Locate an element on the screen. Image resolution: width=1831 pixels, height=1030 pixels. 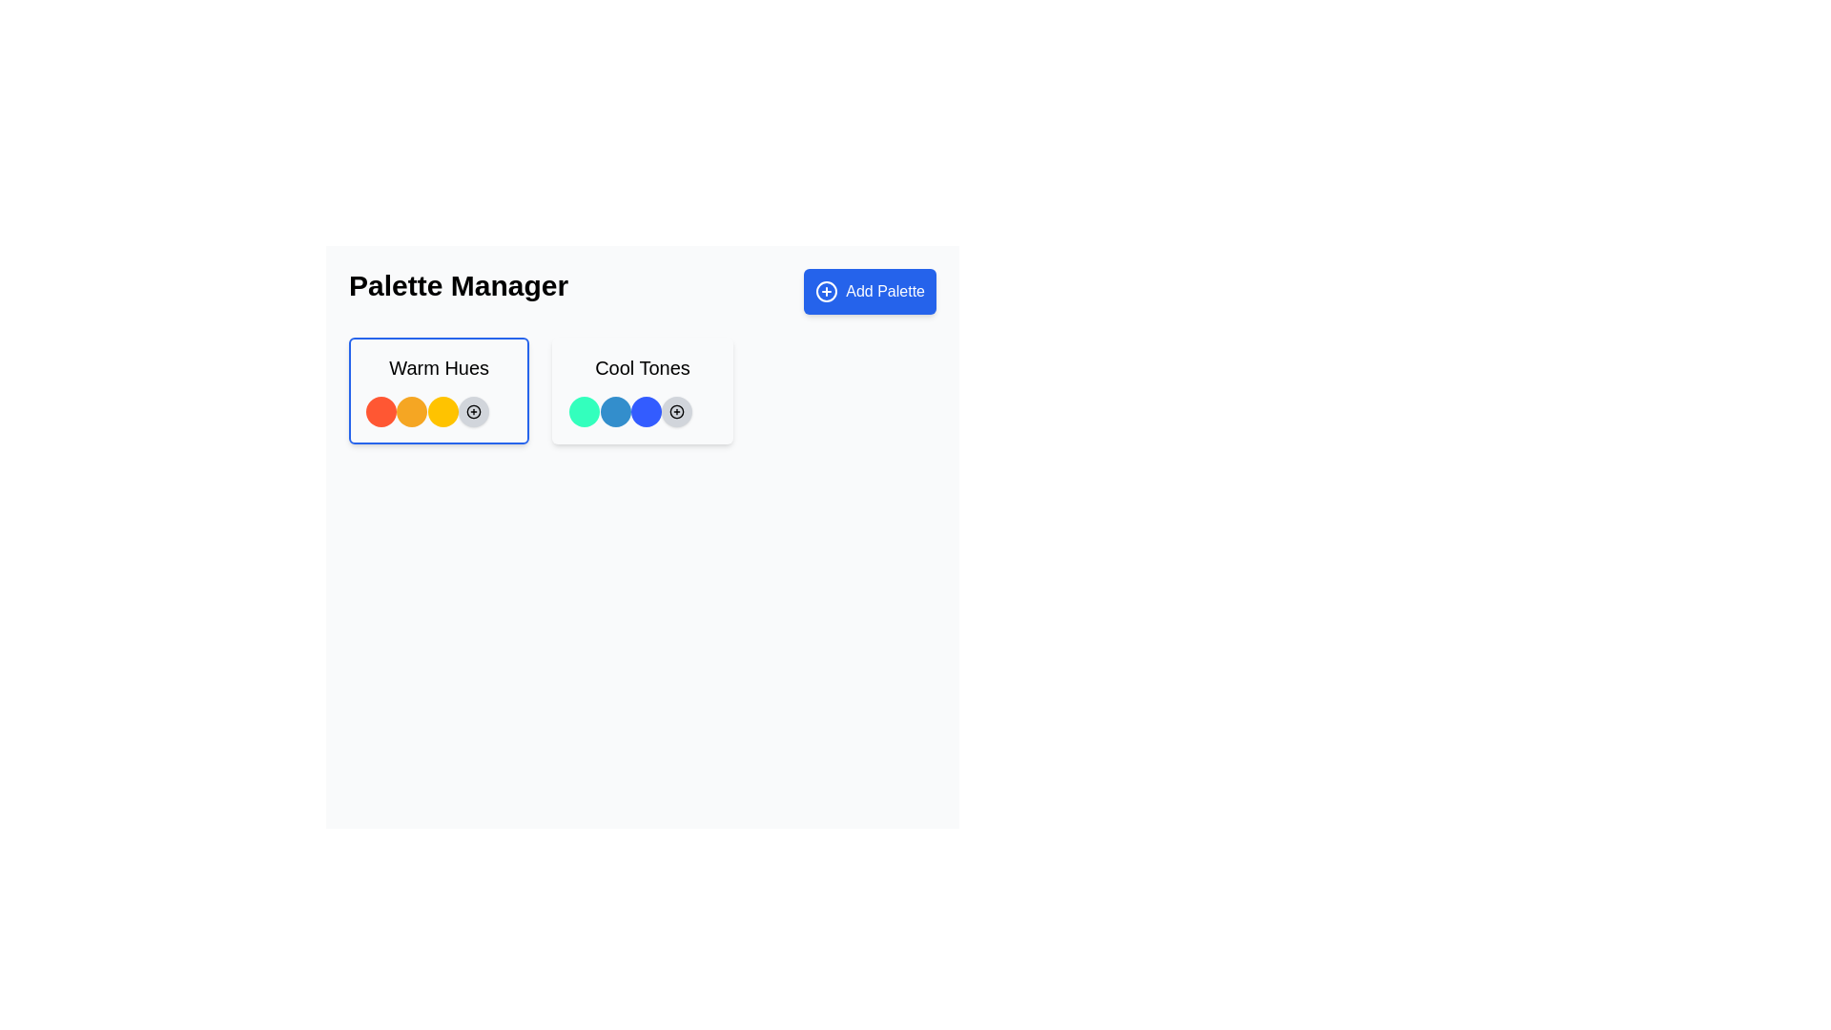
the 'Cool Tones' card component is located at coordinates (642, 389).